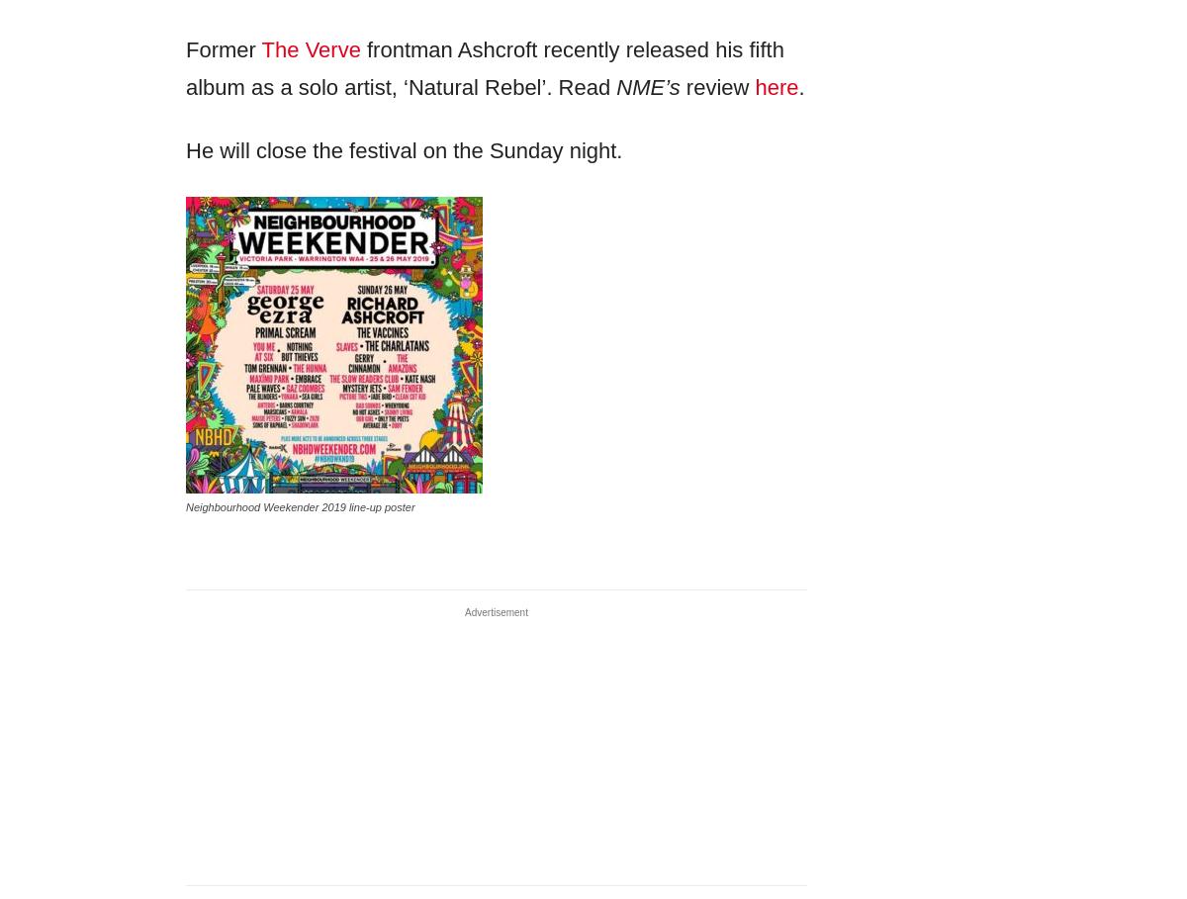 The image size is (1187, 899). What do you see at coordinates (616, 86) in the screenshot?
I see `'NME’s'` at bounding box center [616, 86].